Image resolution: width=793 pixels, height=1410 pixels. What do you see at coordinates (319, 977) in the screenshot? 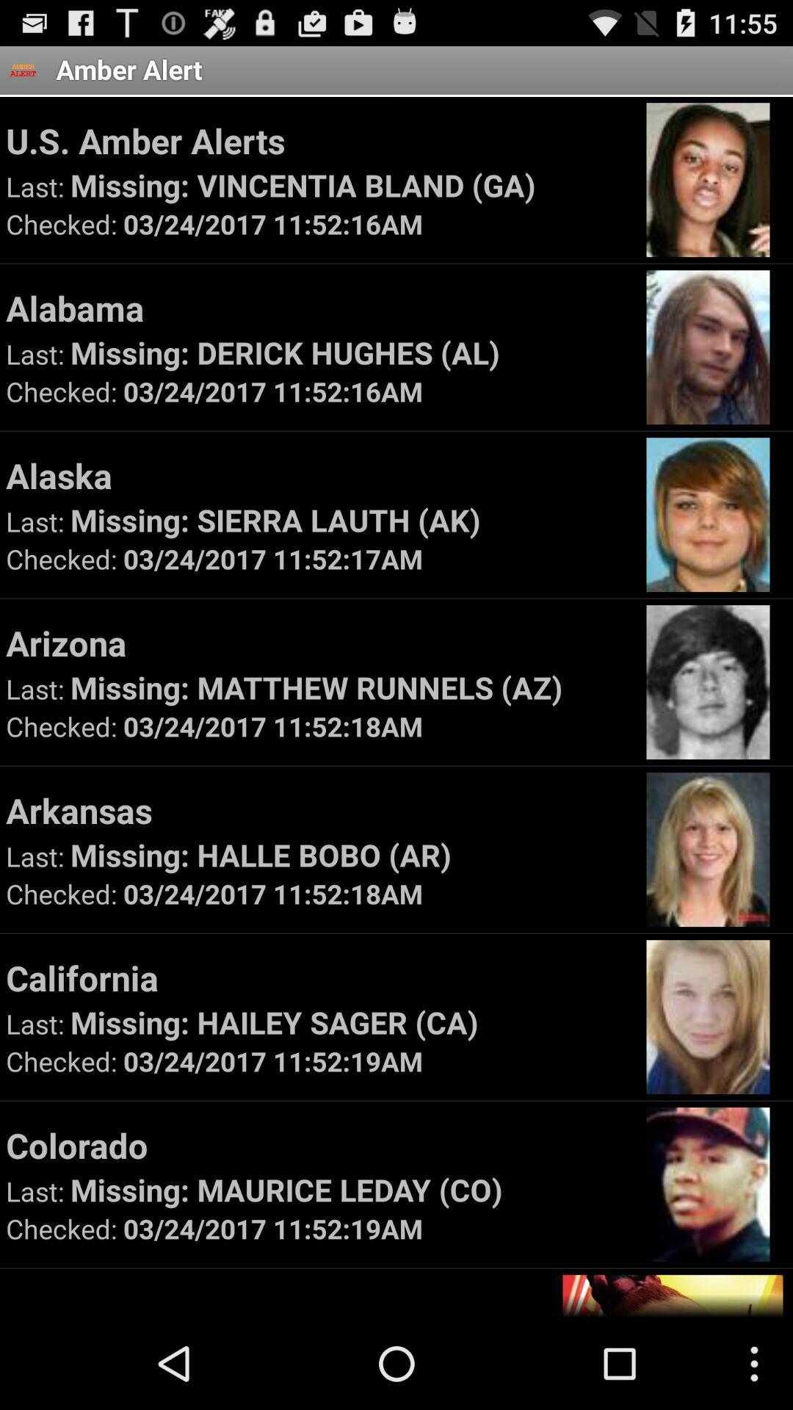
I see `the california icon` at bounding box center [319, 977].